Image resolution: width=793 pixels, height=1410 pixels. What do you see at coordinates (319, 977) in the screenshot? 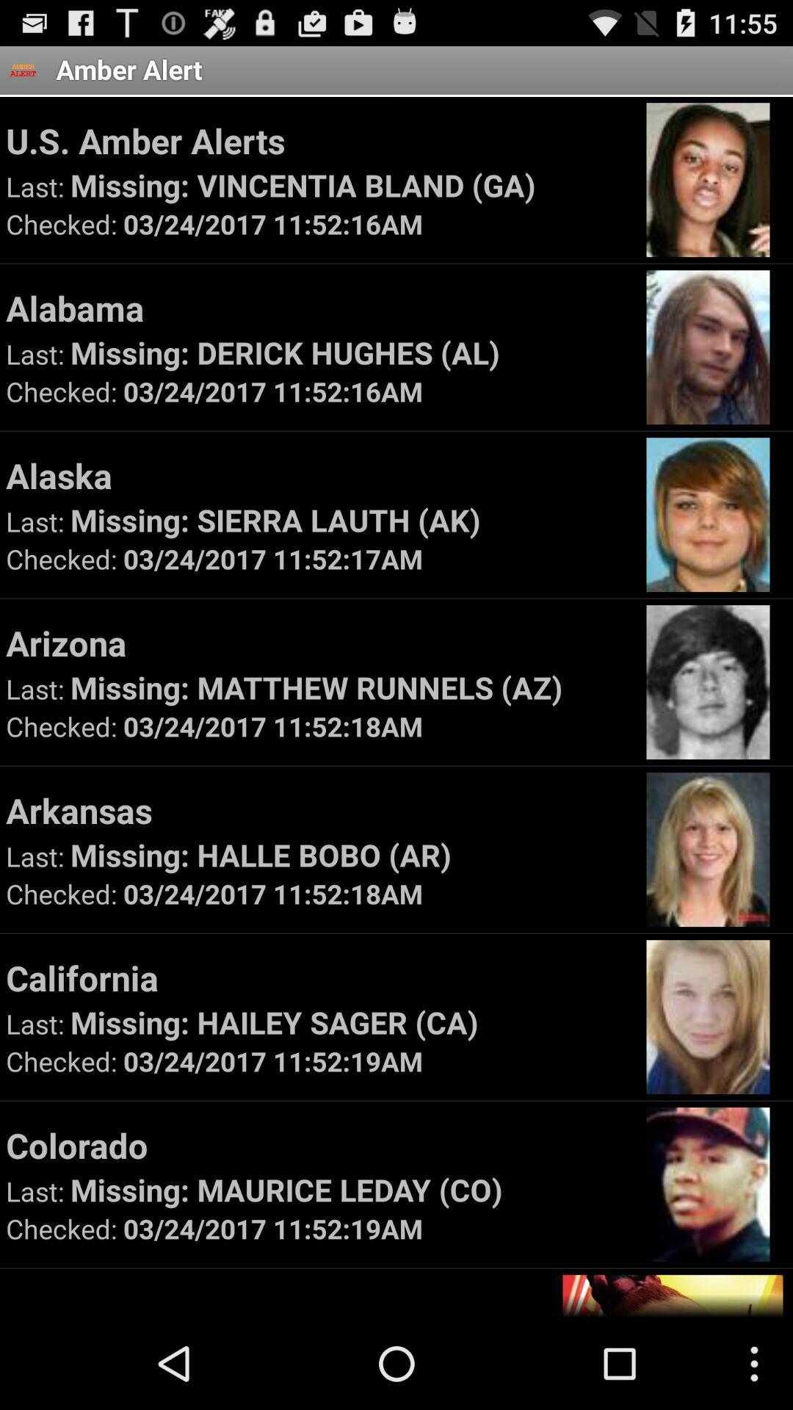
I see `the california icon` at bounding box center [319, 977].